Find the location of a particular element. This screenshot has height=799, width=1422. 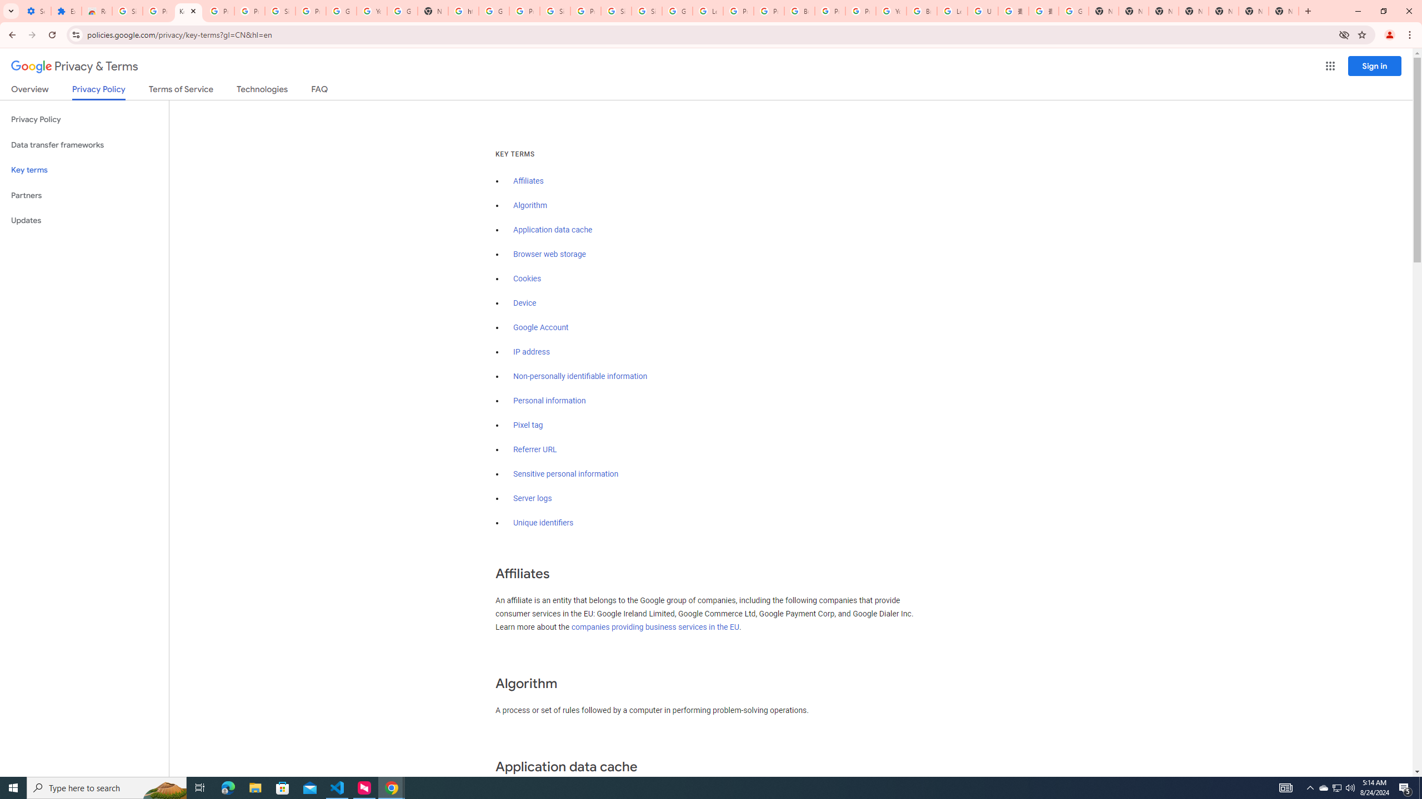

'Google Images' is located at coordinates (1073, 11).